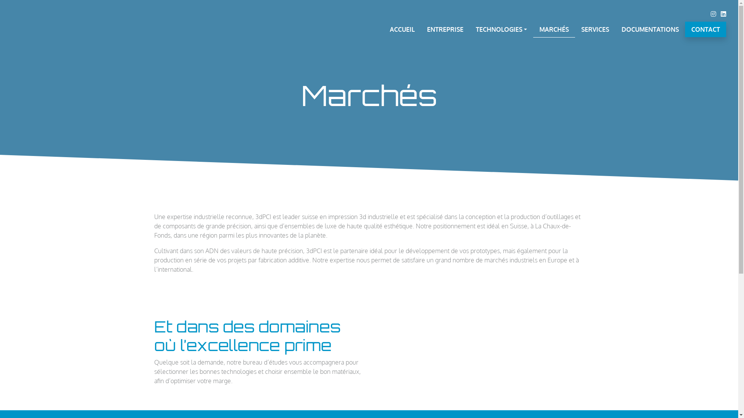  I want to click on 'LinkedIn', so click(723, 14).